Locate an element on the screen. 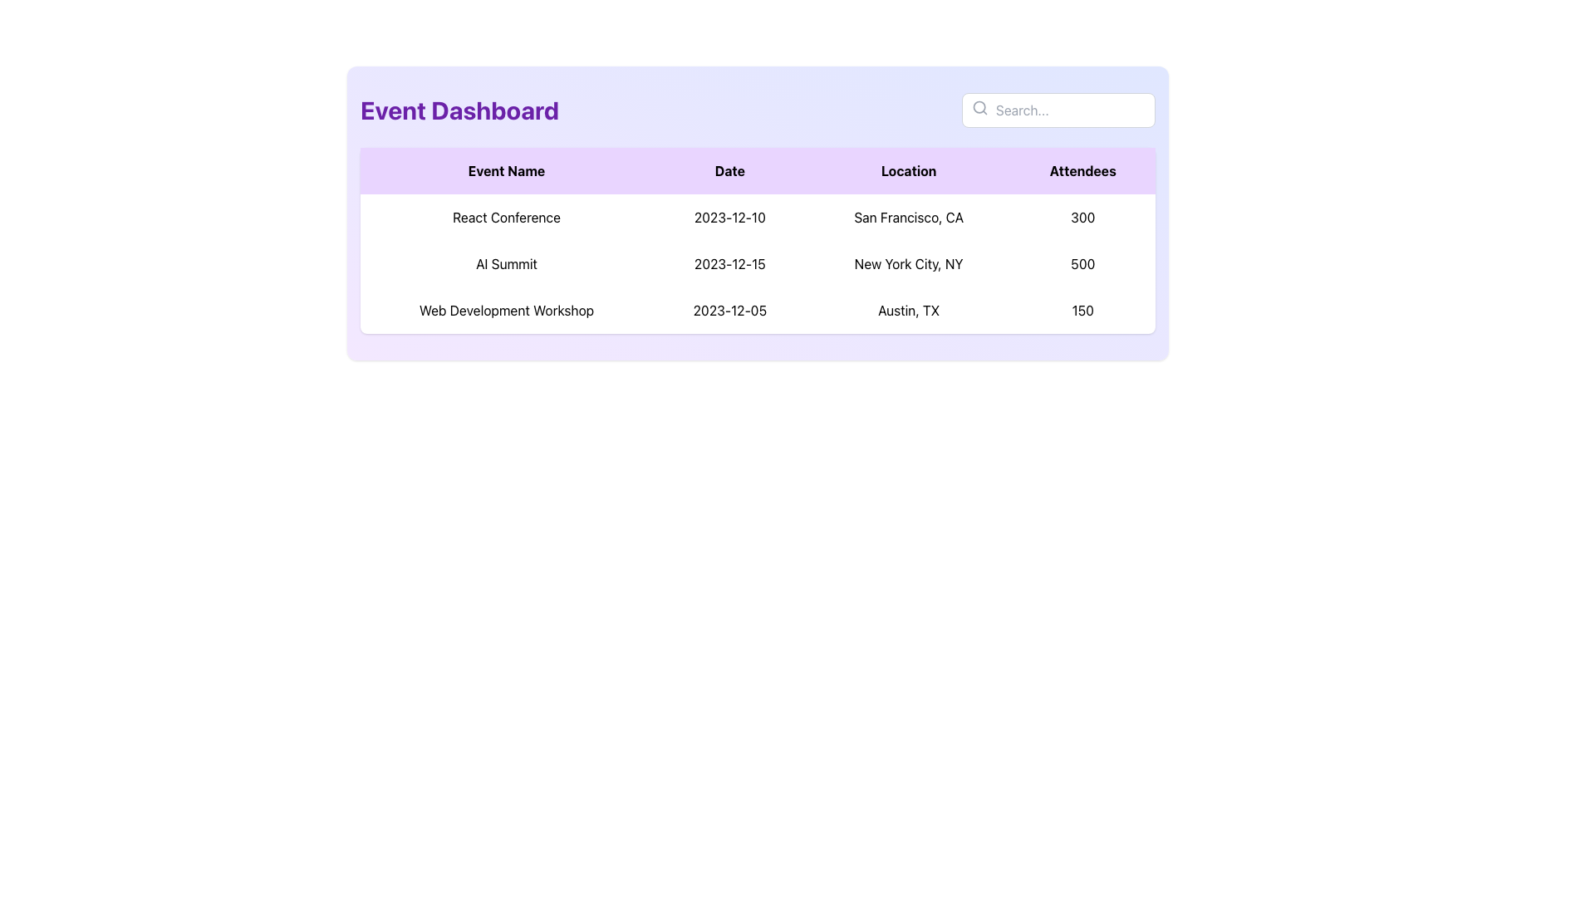 The height and width of the screenshot is (897, 1595). the Table Header Cell that labels the column for the number of attendees, located in the fourth cell of the header row is located at coordinates (1082, 170).